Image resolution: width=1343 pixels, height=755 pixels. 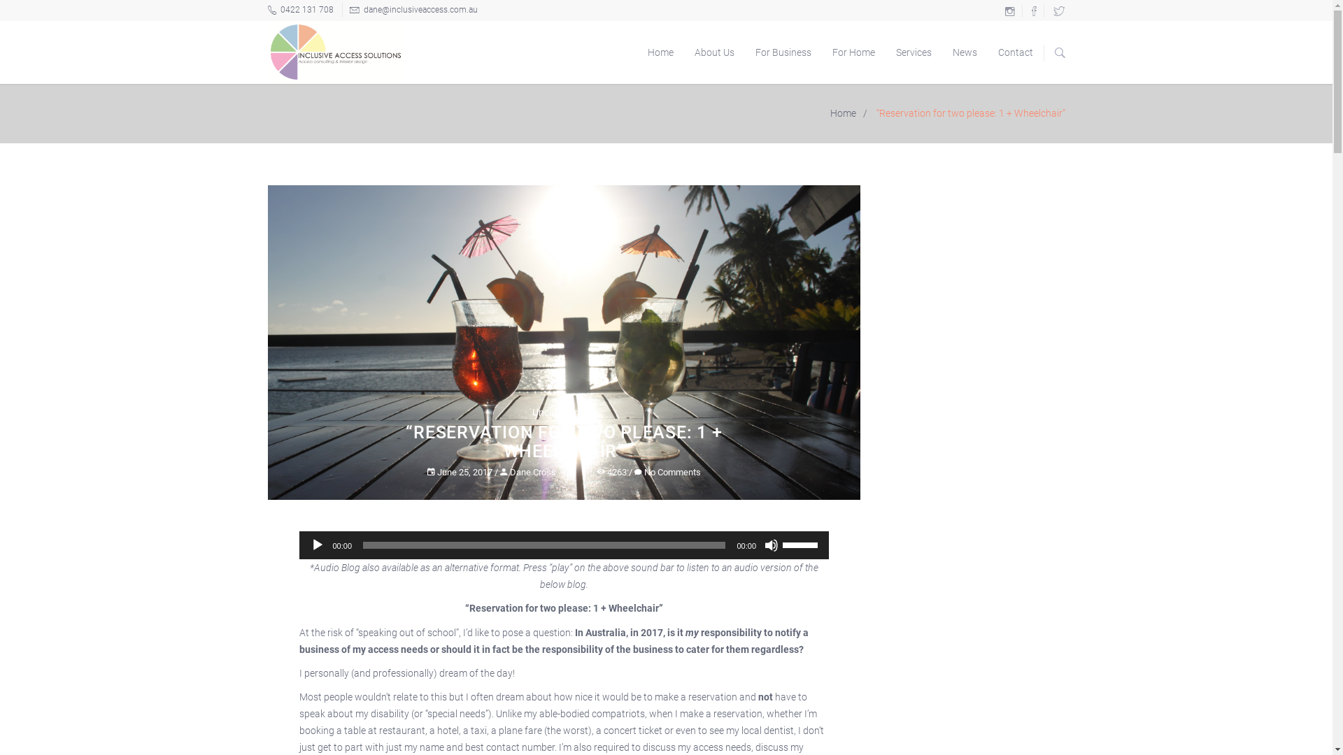 I want to click on 'About Us', so click(x=714, y=51).